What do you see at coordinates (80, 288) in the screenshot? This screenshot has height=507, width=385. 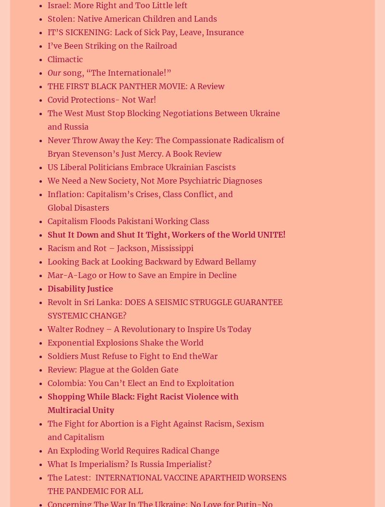 I see `'Disability Justice'` at bounding box center [80, 288].